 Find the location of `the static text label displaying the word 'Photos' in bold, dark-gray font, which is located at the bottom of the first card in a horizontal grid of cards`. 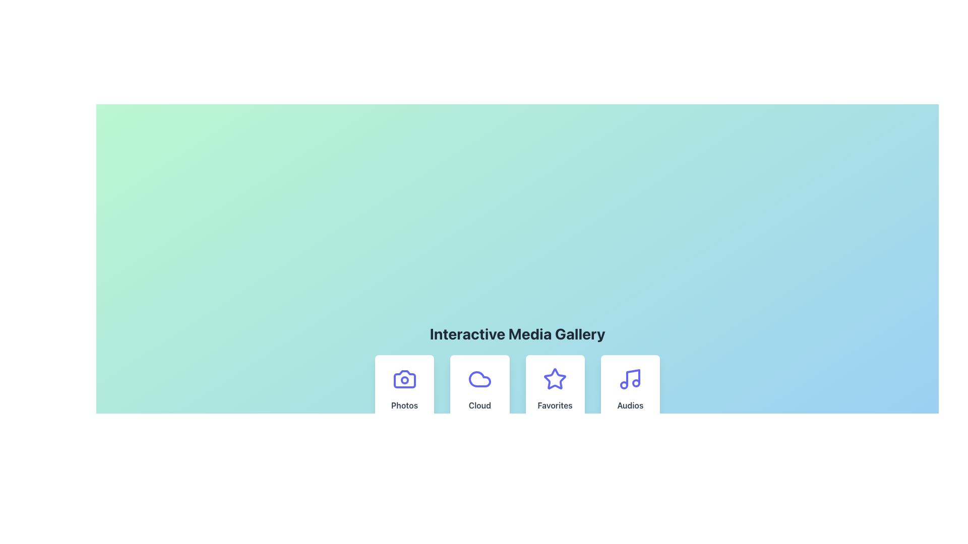

the static text label displaying the word 'Photos' in bold, dark-gray font, which is located at the bottom of the first card in a horizontal grid of cards is located at coordinates (404, 405).